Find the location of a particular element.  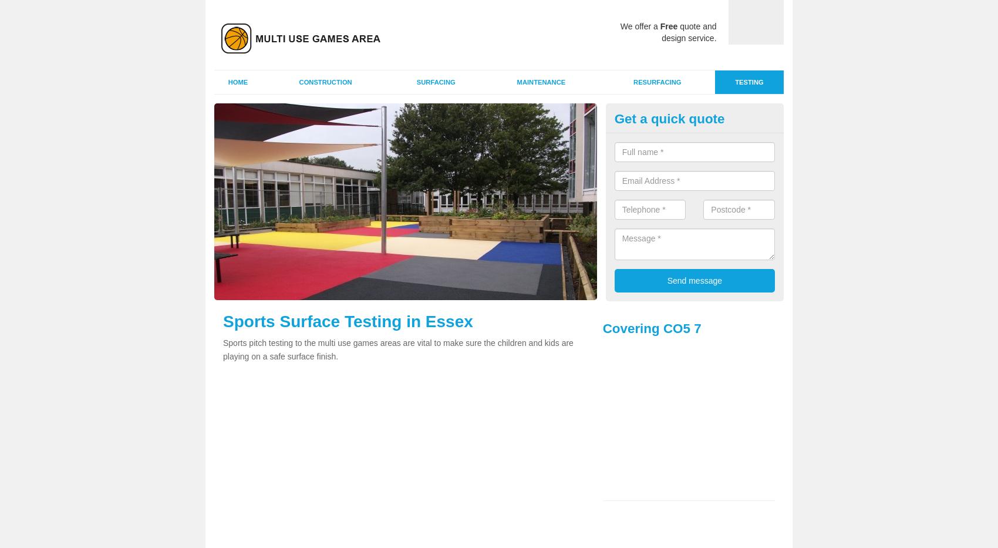

'Maintenance' is located at coordinates (516, 82).